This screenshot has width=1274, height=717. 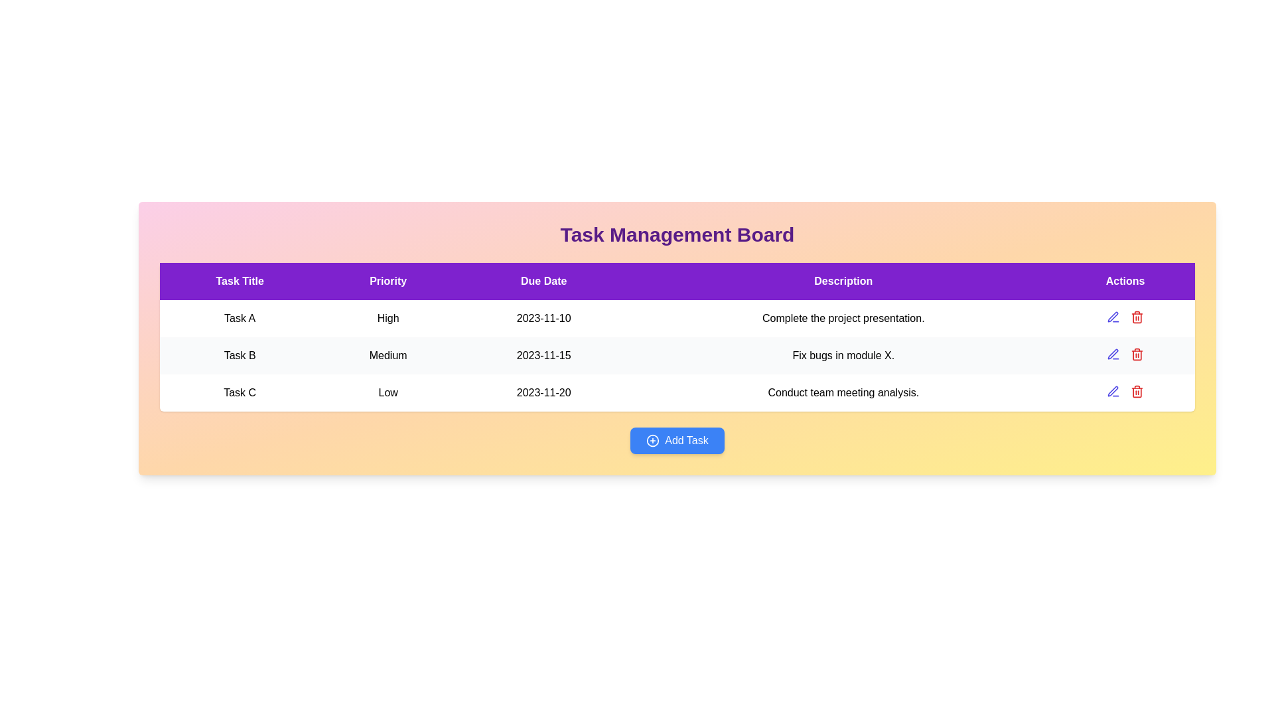 What do you see at coordinates (388, 318) in the screenshot?
I see `the Text Label displaying 'High' in black, which is located in the second column of the first row under the 'Priority' header in the task details table` at bounding box center [388, 318].